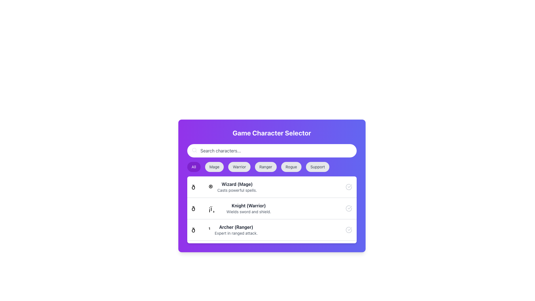  What do you see at coordinates (318, 166) in the screenshot?
I see `the 'Support' button, which is a rounded rectangular button with a light gray background and dark gray text, positioned as the sixth button in the row of category selectors` at bounding box center [318, 166].